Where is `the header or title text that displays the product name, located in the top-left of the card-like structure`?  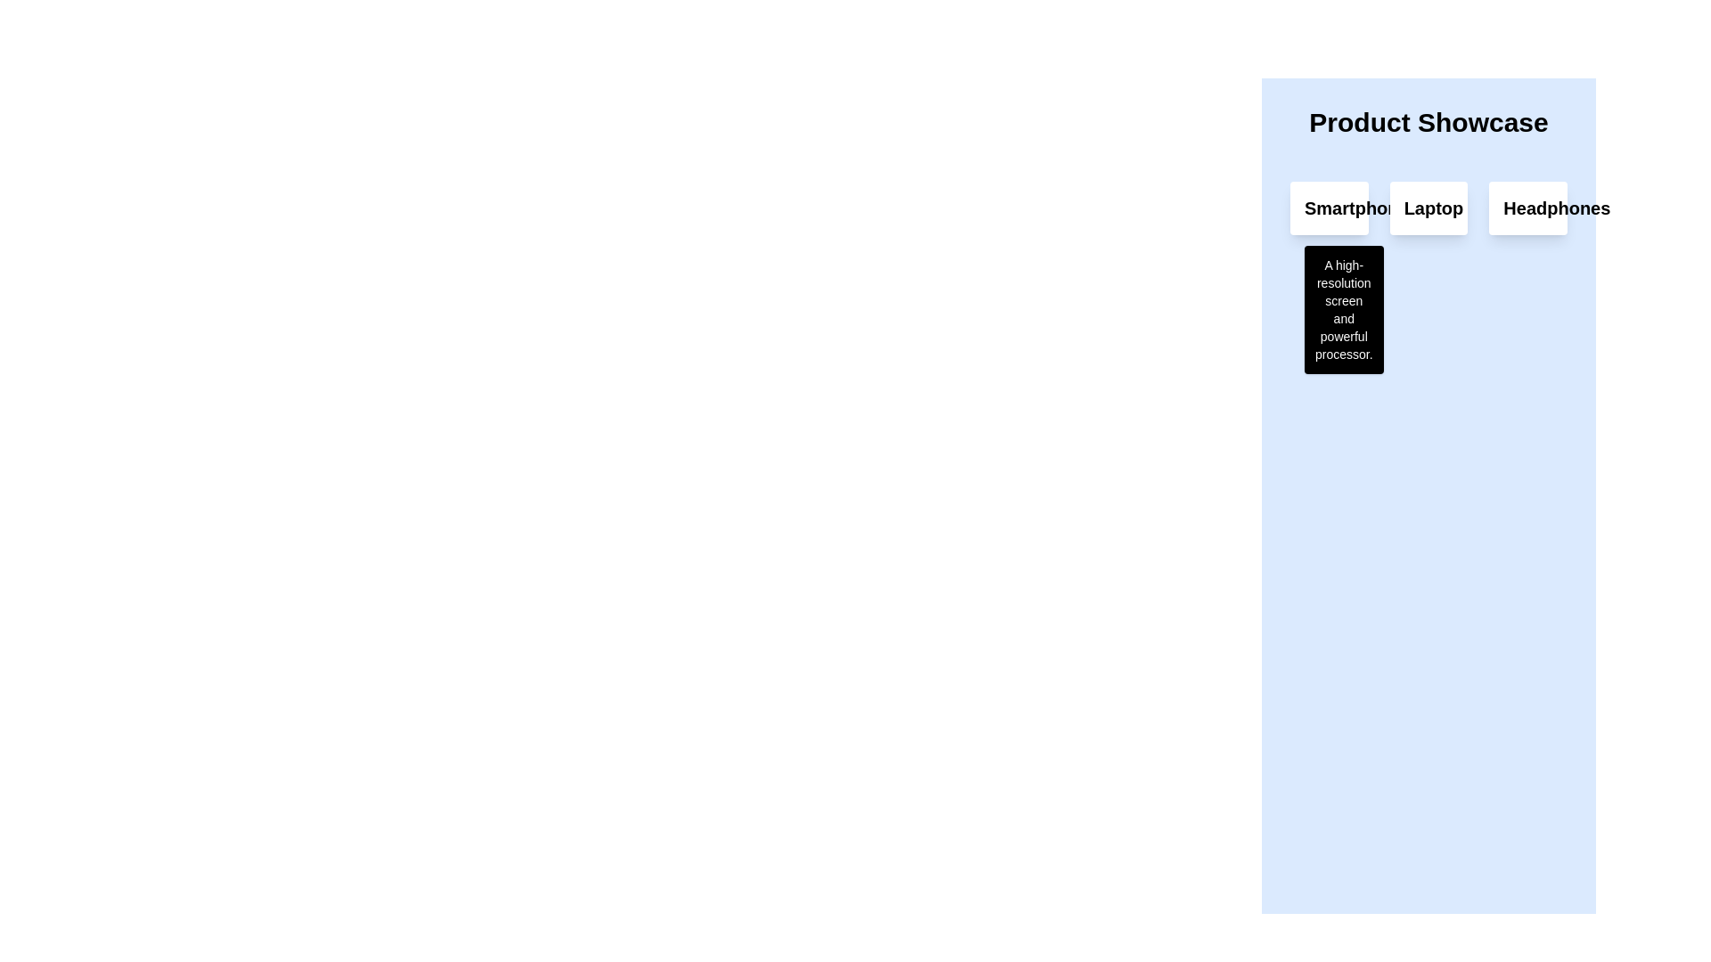 the header or title text that displays the product name, located in the top-left of the card-like structure is located at coordinates (1329, 208).